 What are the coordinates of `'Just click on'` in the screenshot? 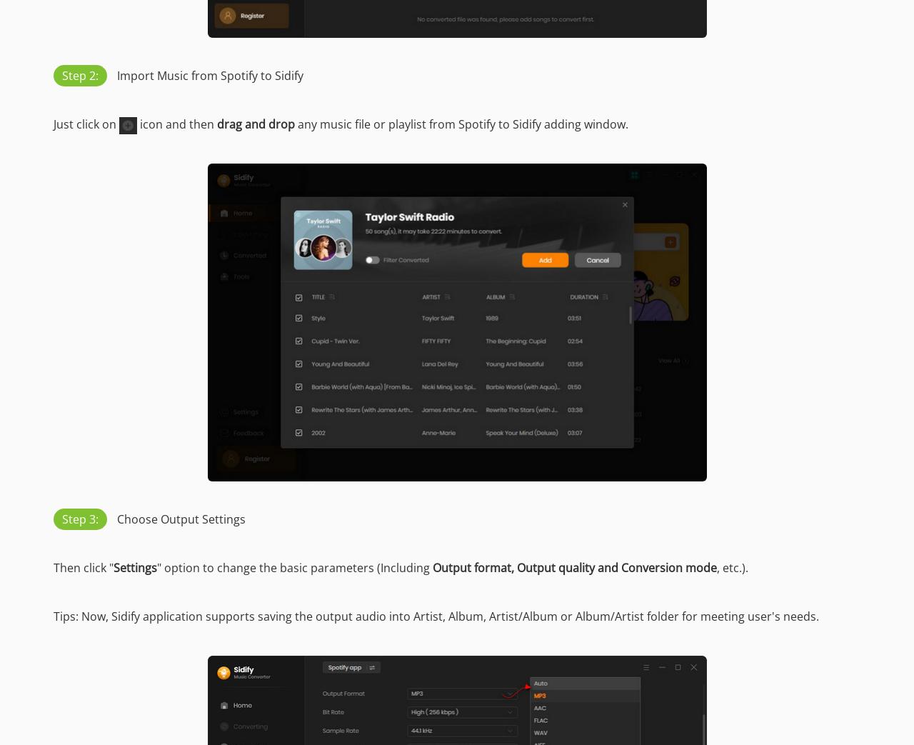 It's located at (85, 123).